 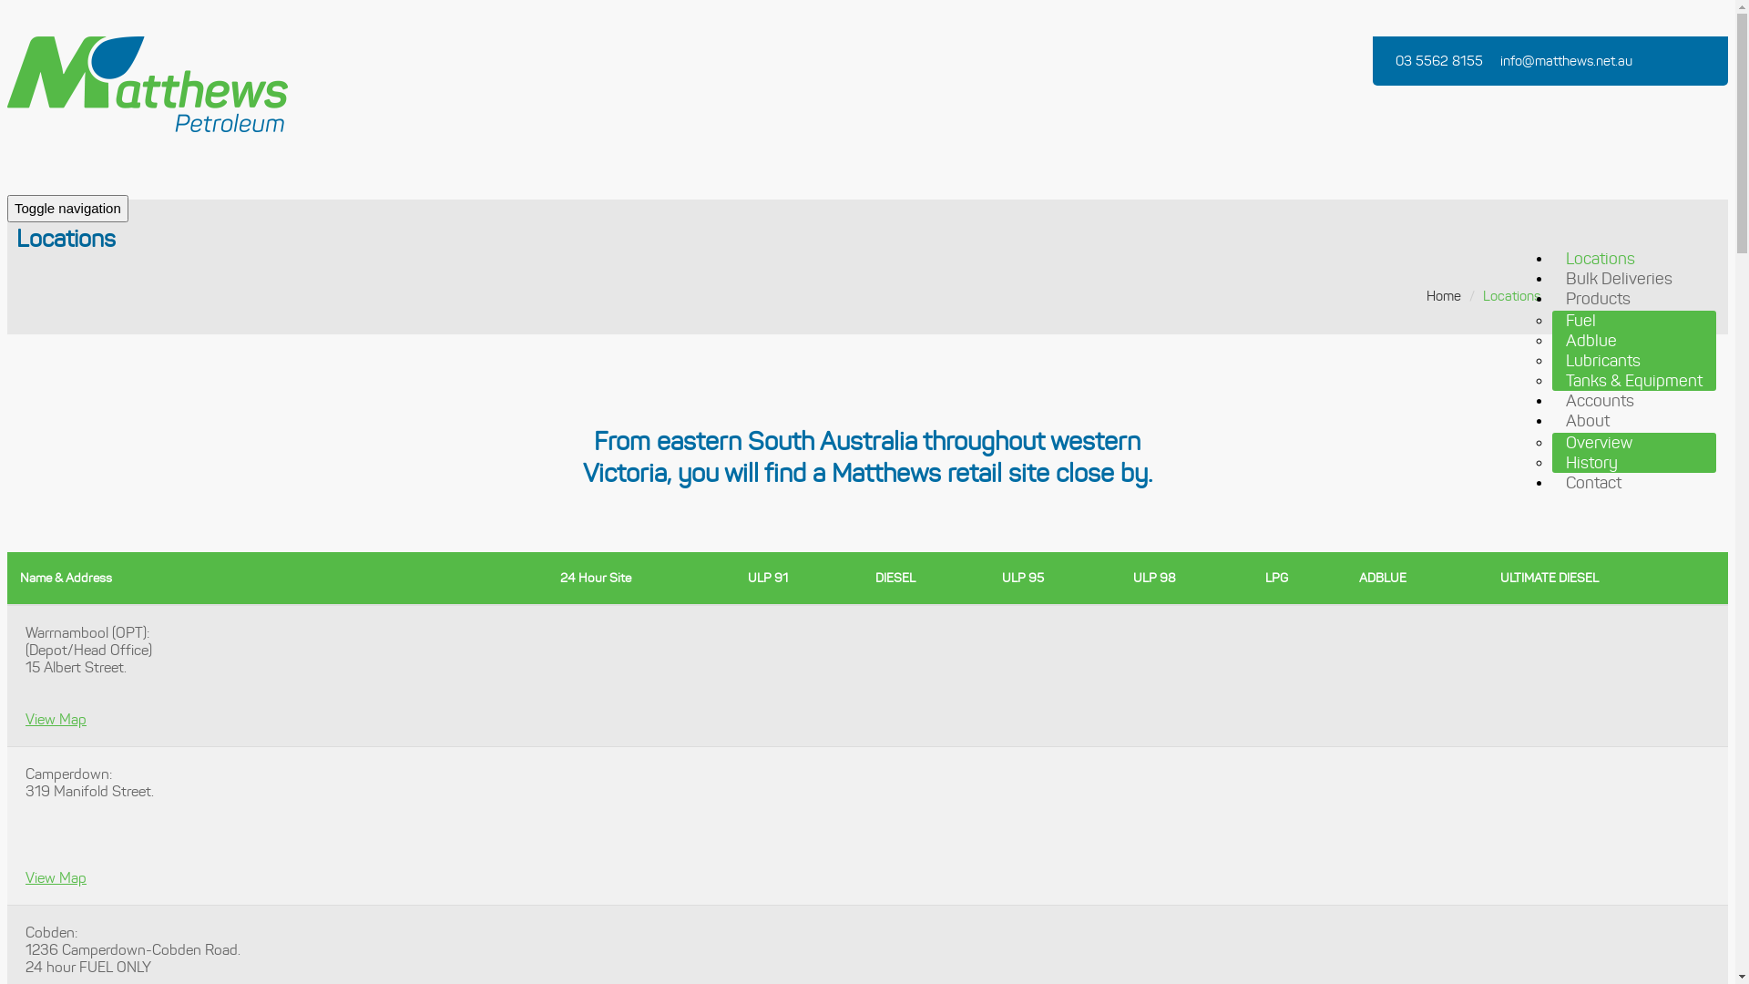 I want to click on 'Adblue', so click(x=1551, y=341).